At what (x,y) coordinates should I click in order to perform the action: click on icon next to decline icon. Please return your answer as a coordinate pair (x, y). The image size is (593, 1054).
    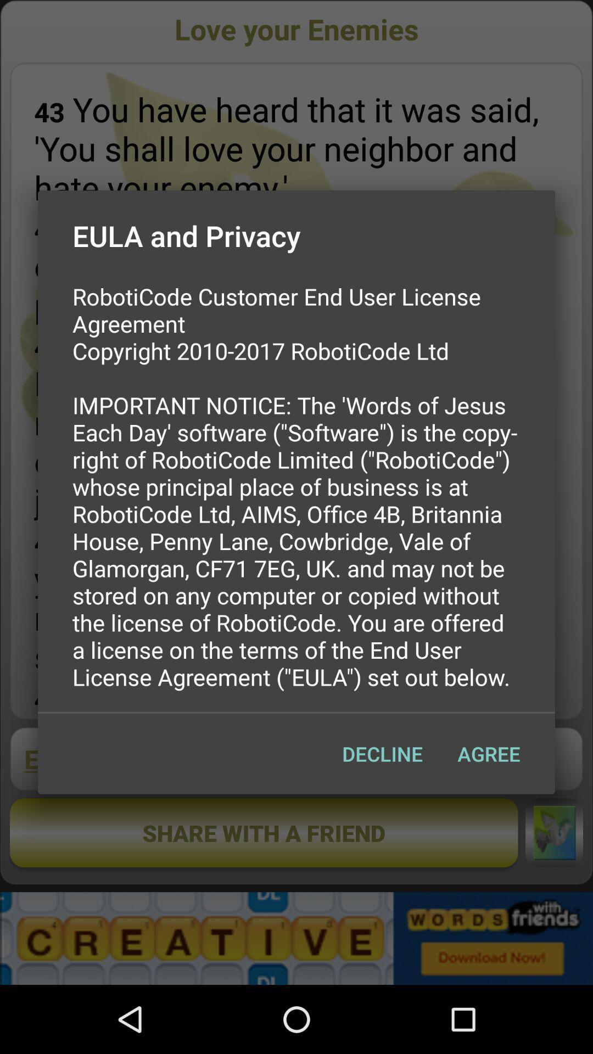
    Looking at the image, I should click on (488, 753).